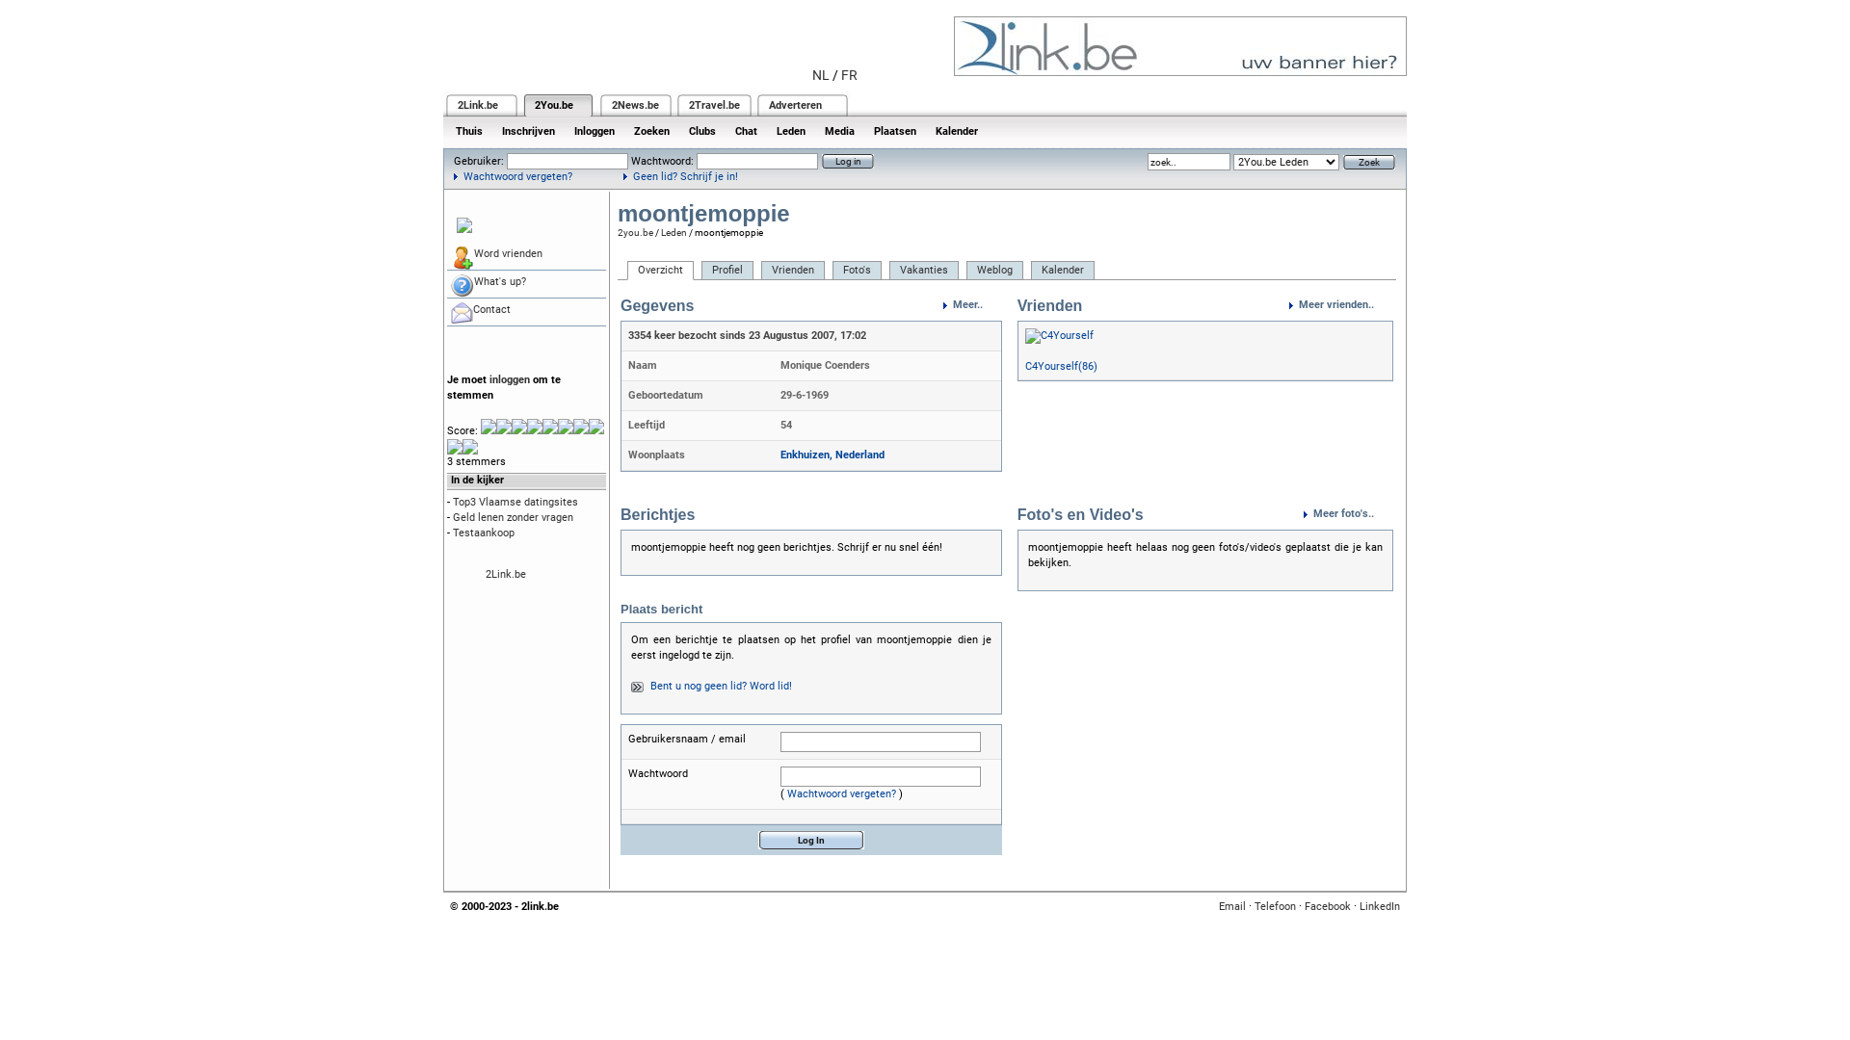  Describe the element at coordinates (848, 73) in the screenshot. I see `'FR'` at that location.